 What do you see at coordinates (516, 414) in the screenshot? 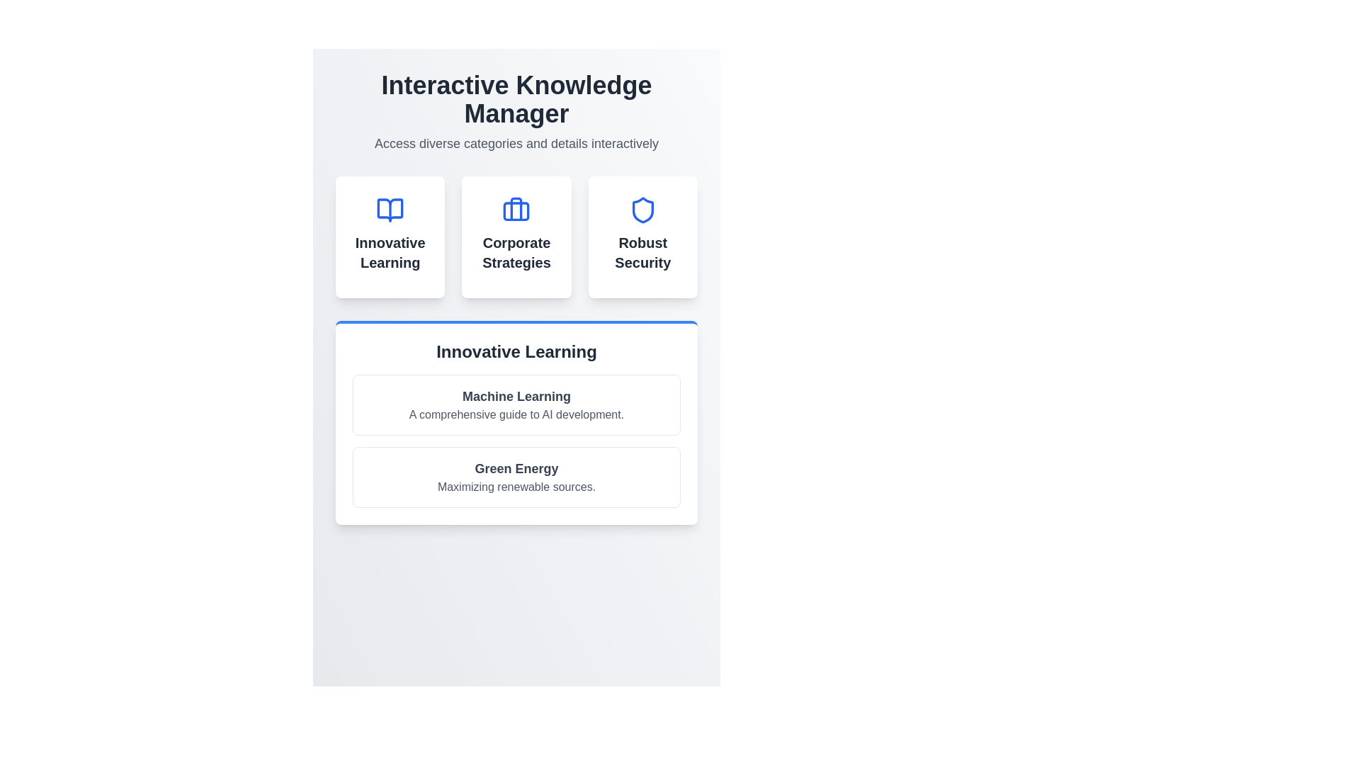
I see `the text label containing 'A comprehensive guide to AI development.' which is positioned below the heading 'Machine Learning' in a bordered and rounded rectangular card` at bounding box center [516, 414].